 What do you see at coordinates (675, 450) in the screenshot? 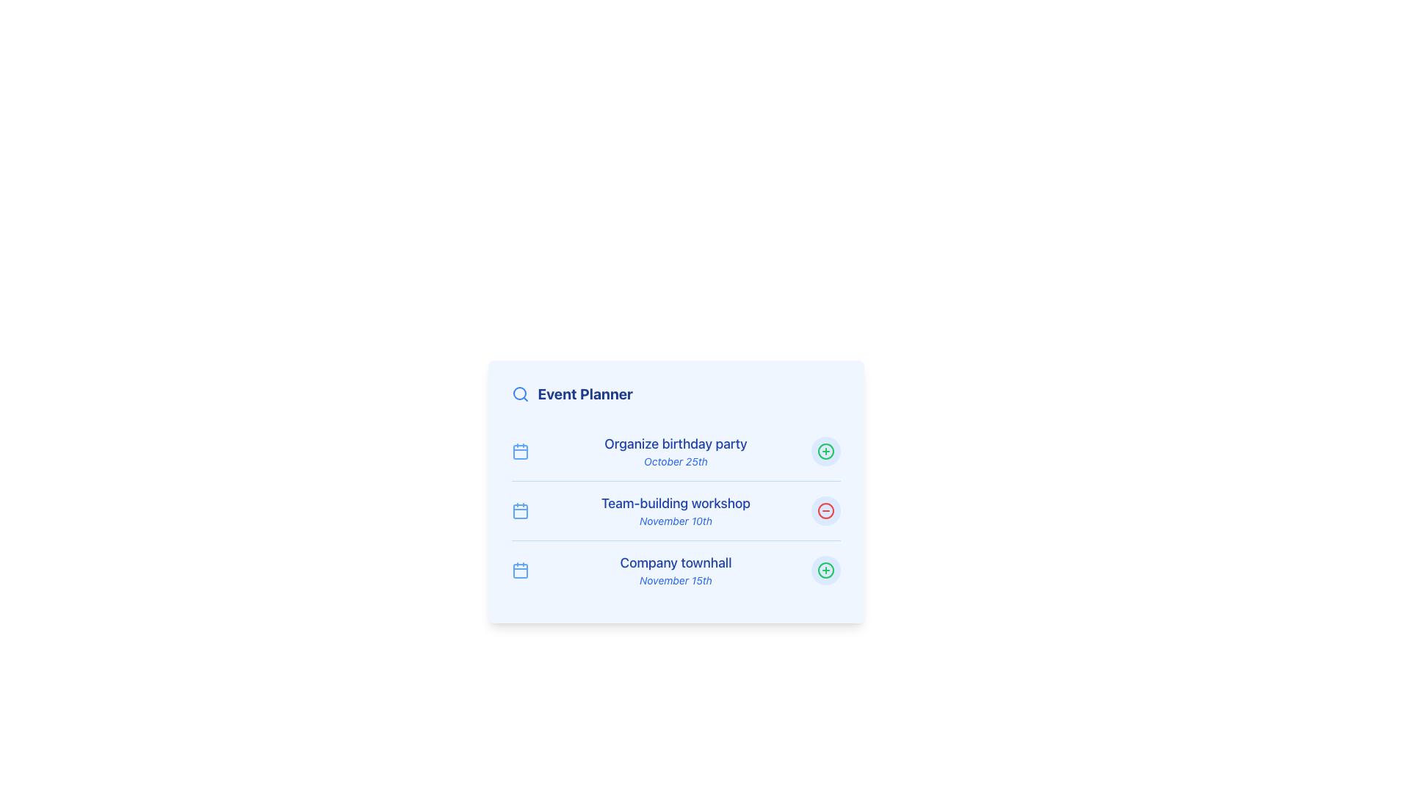
I see `the text label that reads 'Organize birthday party'` at bounding box center [675, 450].